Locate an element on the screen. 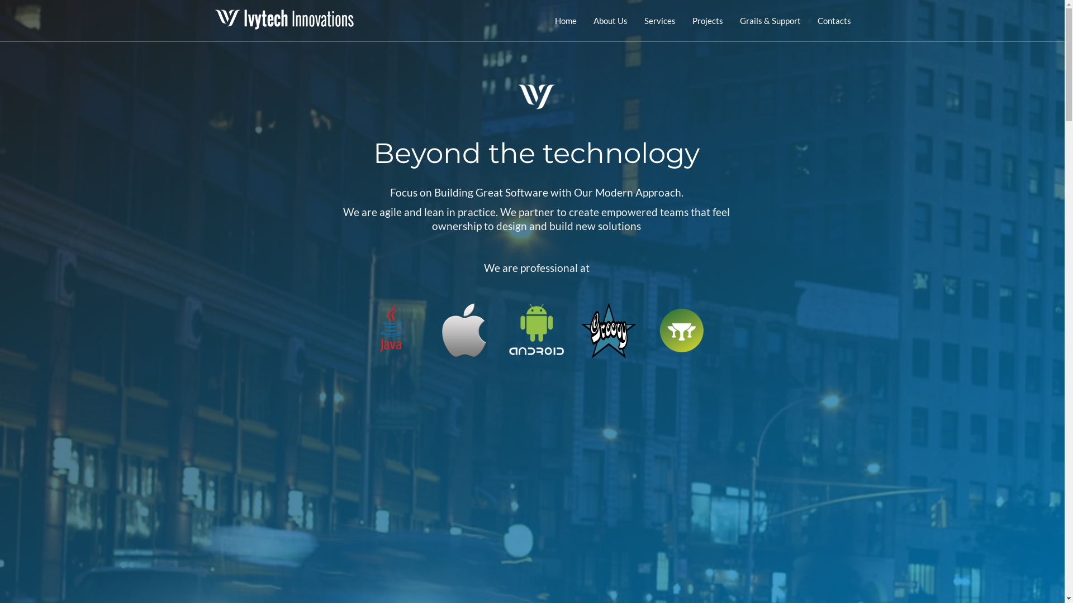  'Services' is located at coordinates (659, 21).